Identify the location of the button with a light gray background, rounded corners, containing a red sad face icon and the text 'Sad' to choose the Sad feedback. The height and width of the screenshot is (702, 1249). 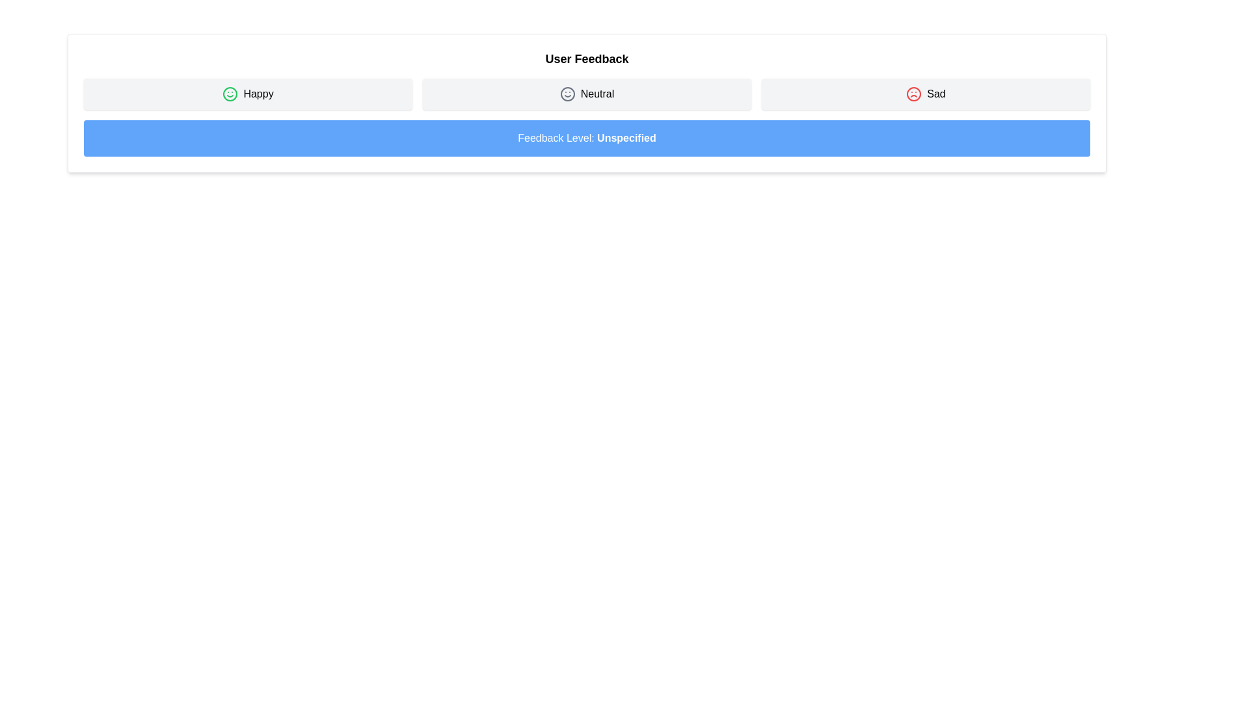
(925, 94).